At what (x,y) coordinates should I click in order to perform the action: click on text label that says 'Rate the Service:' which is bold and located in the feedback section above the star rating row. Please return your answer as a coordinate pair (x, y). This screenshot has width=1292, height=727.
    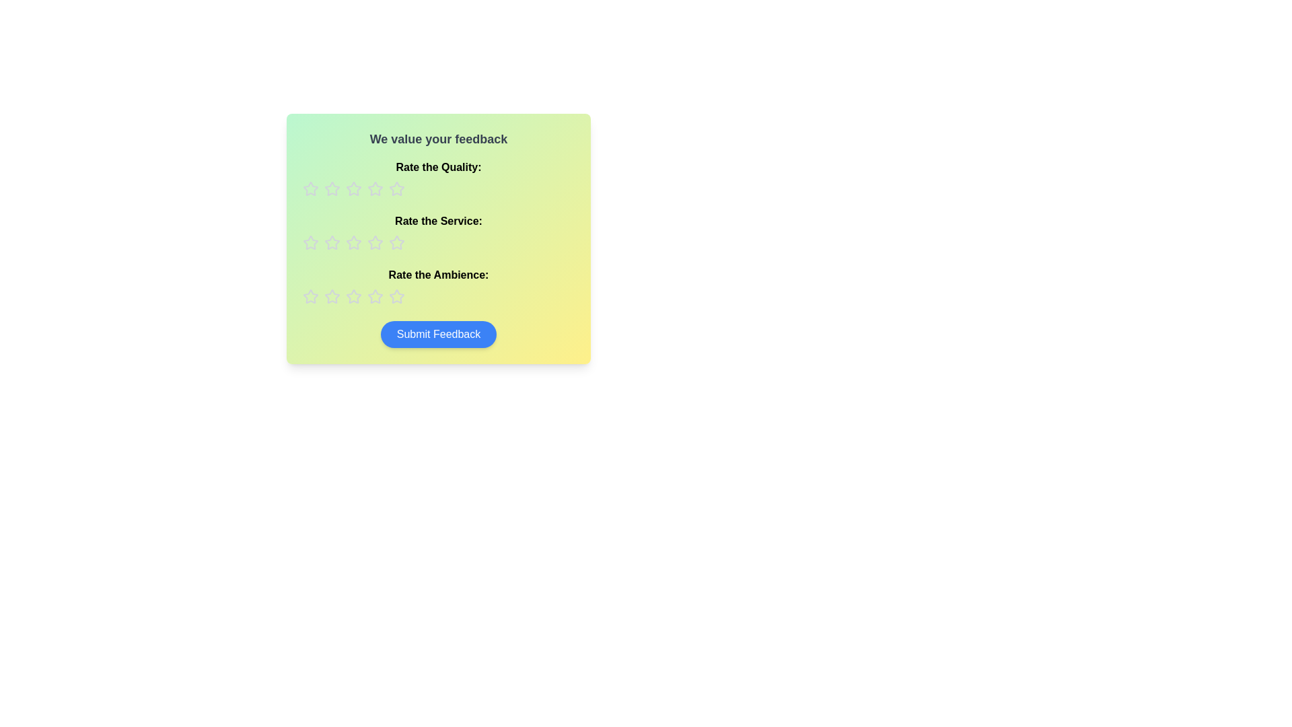
    Looking at the image, I should click on (439, 231).